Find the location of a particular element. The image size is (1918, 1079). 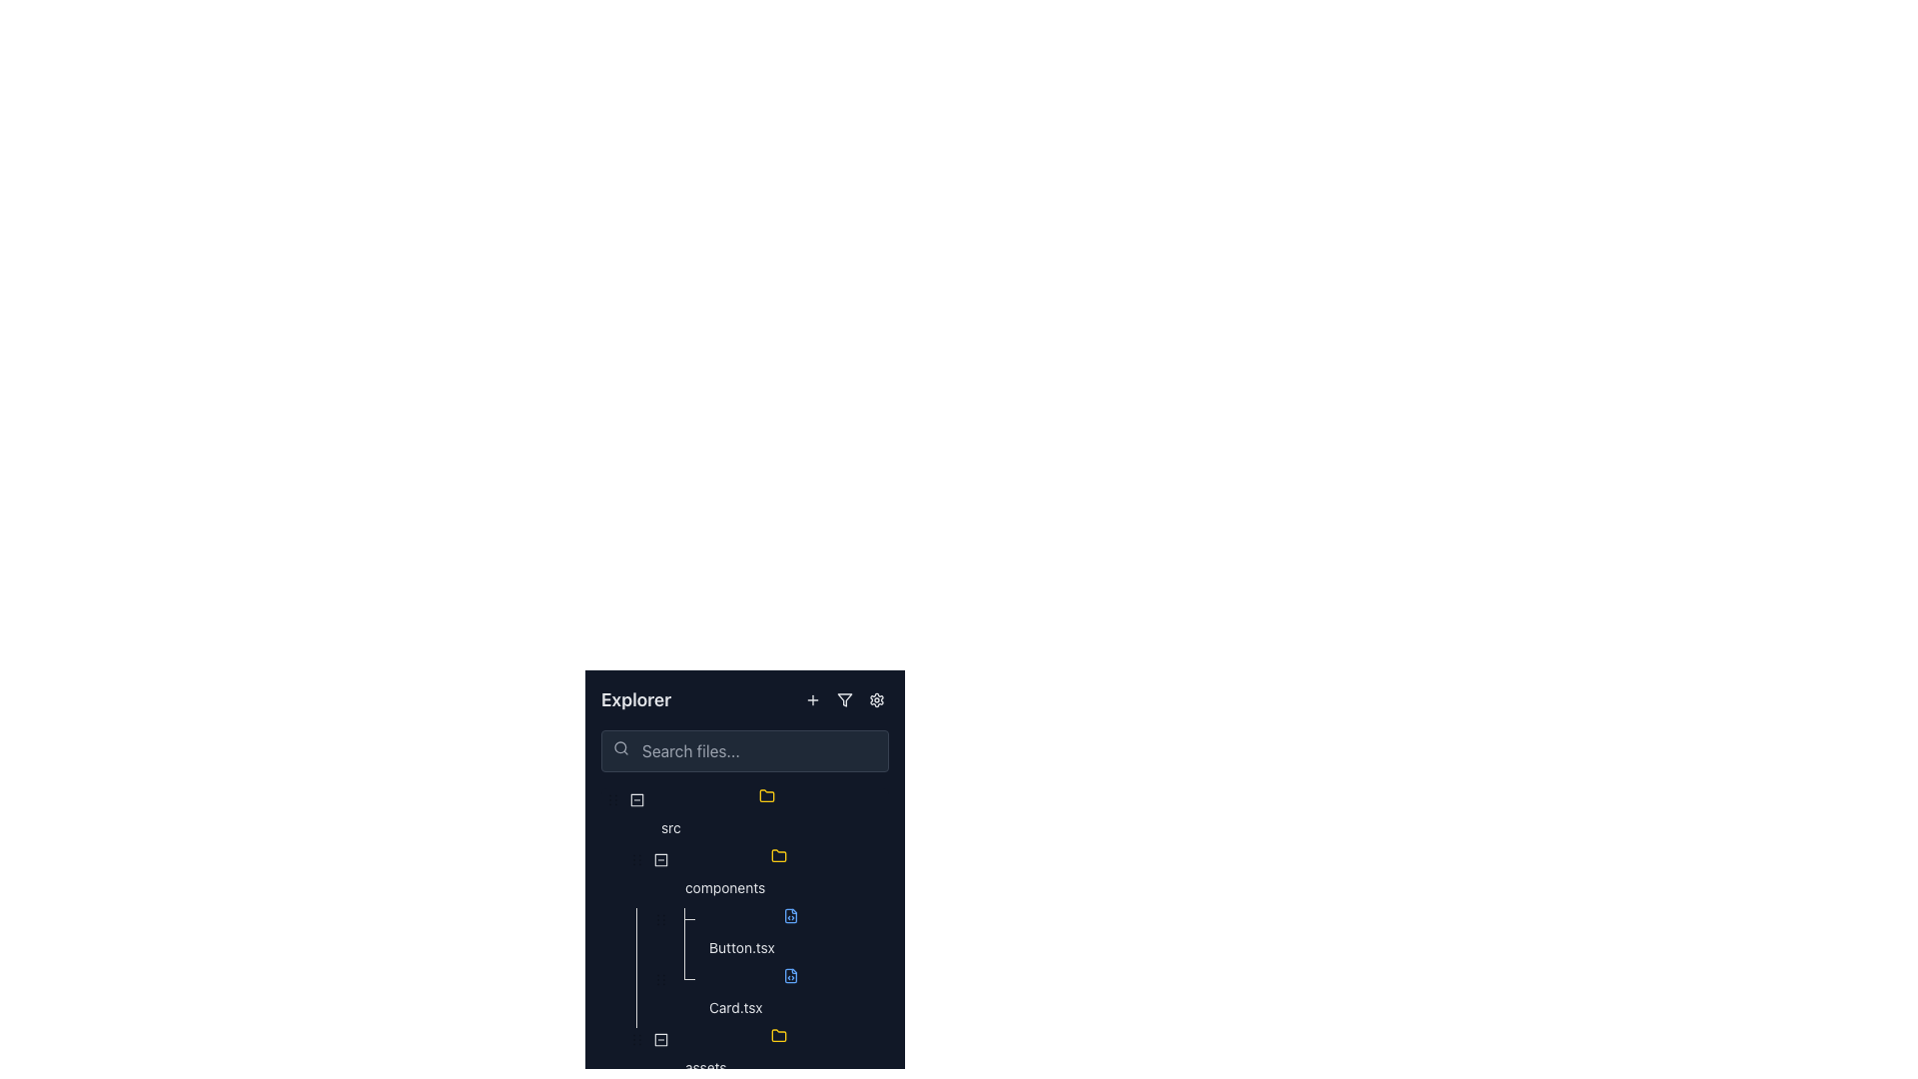

the folder icon located in the 'Explorer' panel next to the title text 'assets' is located at coordinates (781, 1039).